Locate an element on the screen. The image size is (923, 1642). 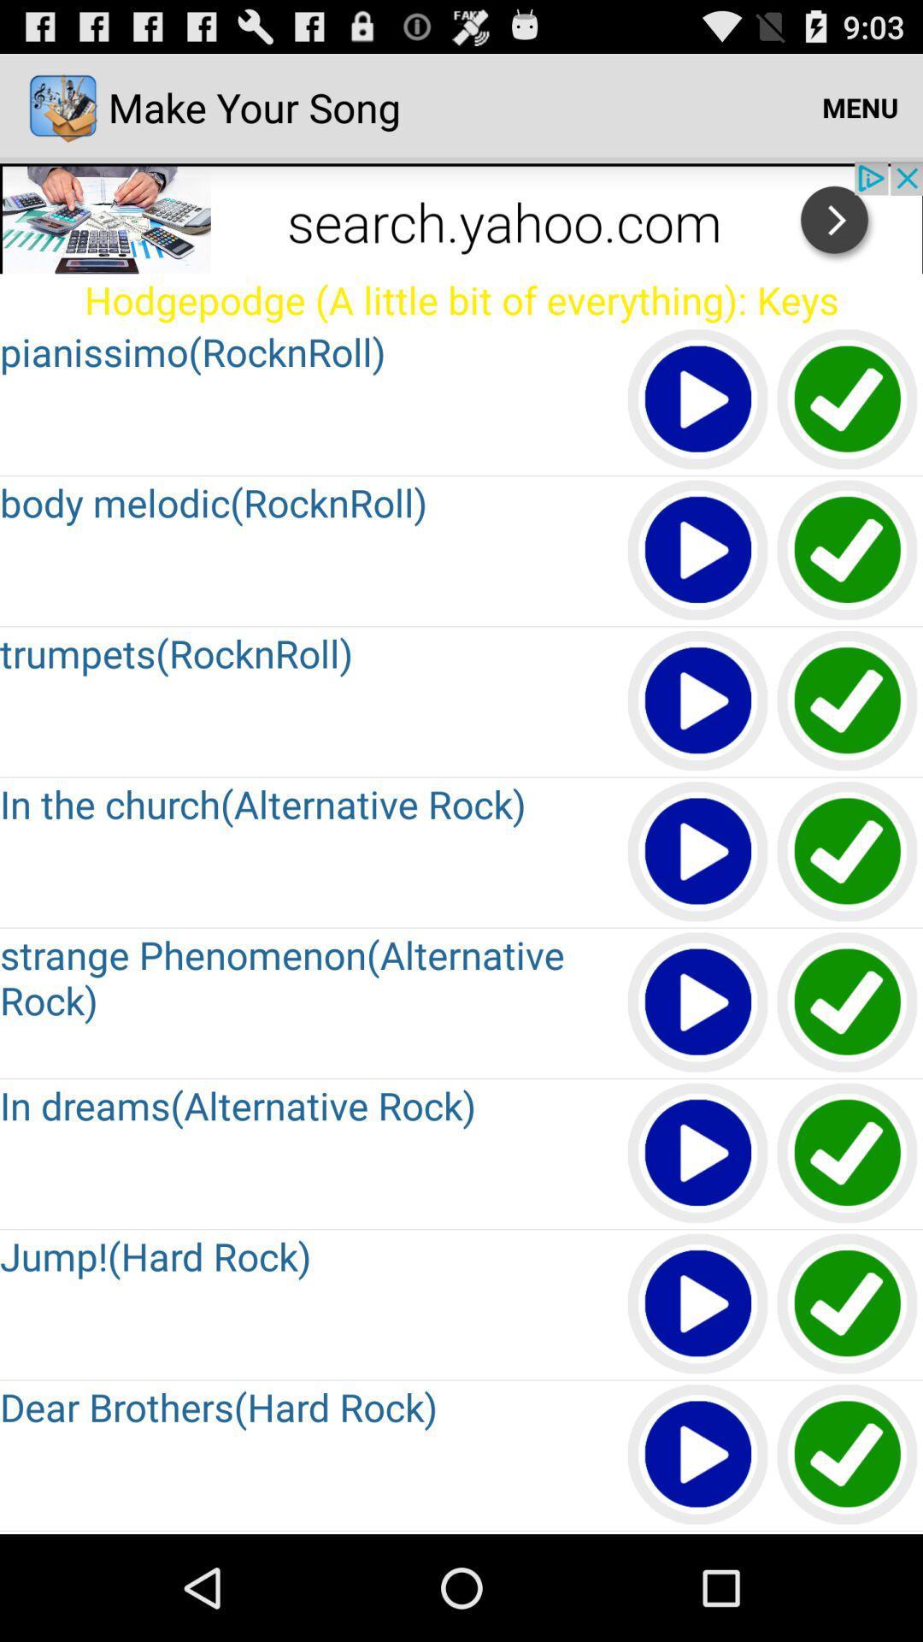
page is located at coordinates (848, 399).